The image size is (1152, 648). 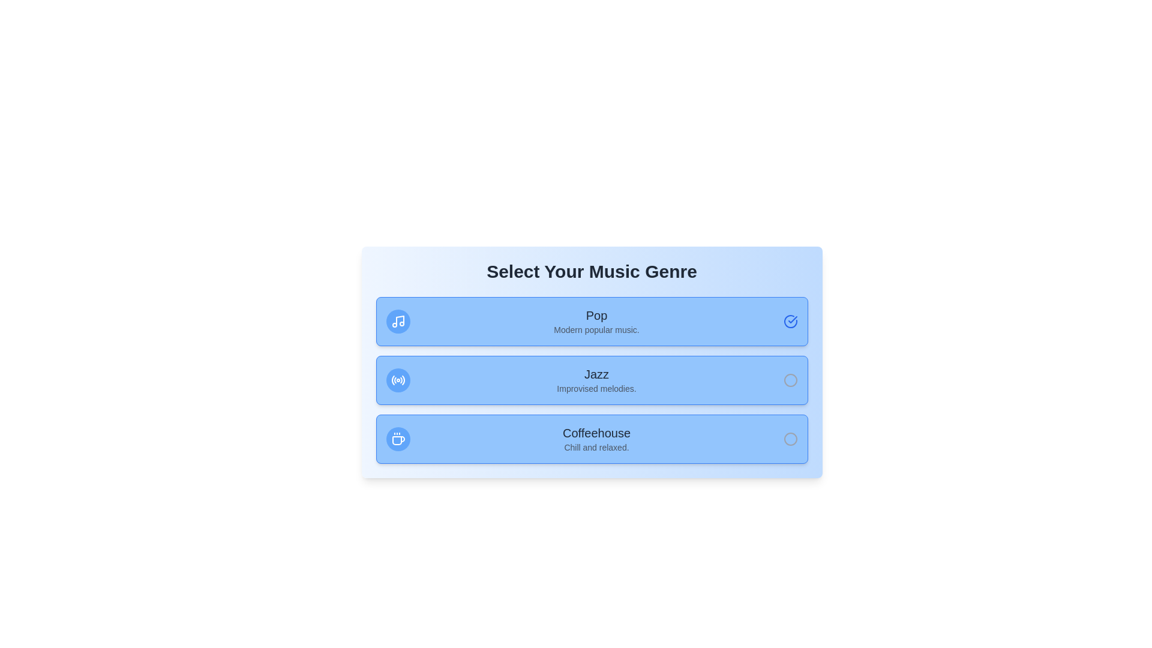 What do you see at coordinates (398, 440) in the screenshot?
I see `the lower-most icon representing the concept of 'Coffeehouse', which resembles a coffee cup and its handle, located to the left of the text label 'Coffeehouse'` at bounding box center [398, 440].